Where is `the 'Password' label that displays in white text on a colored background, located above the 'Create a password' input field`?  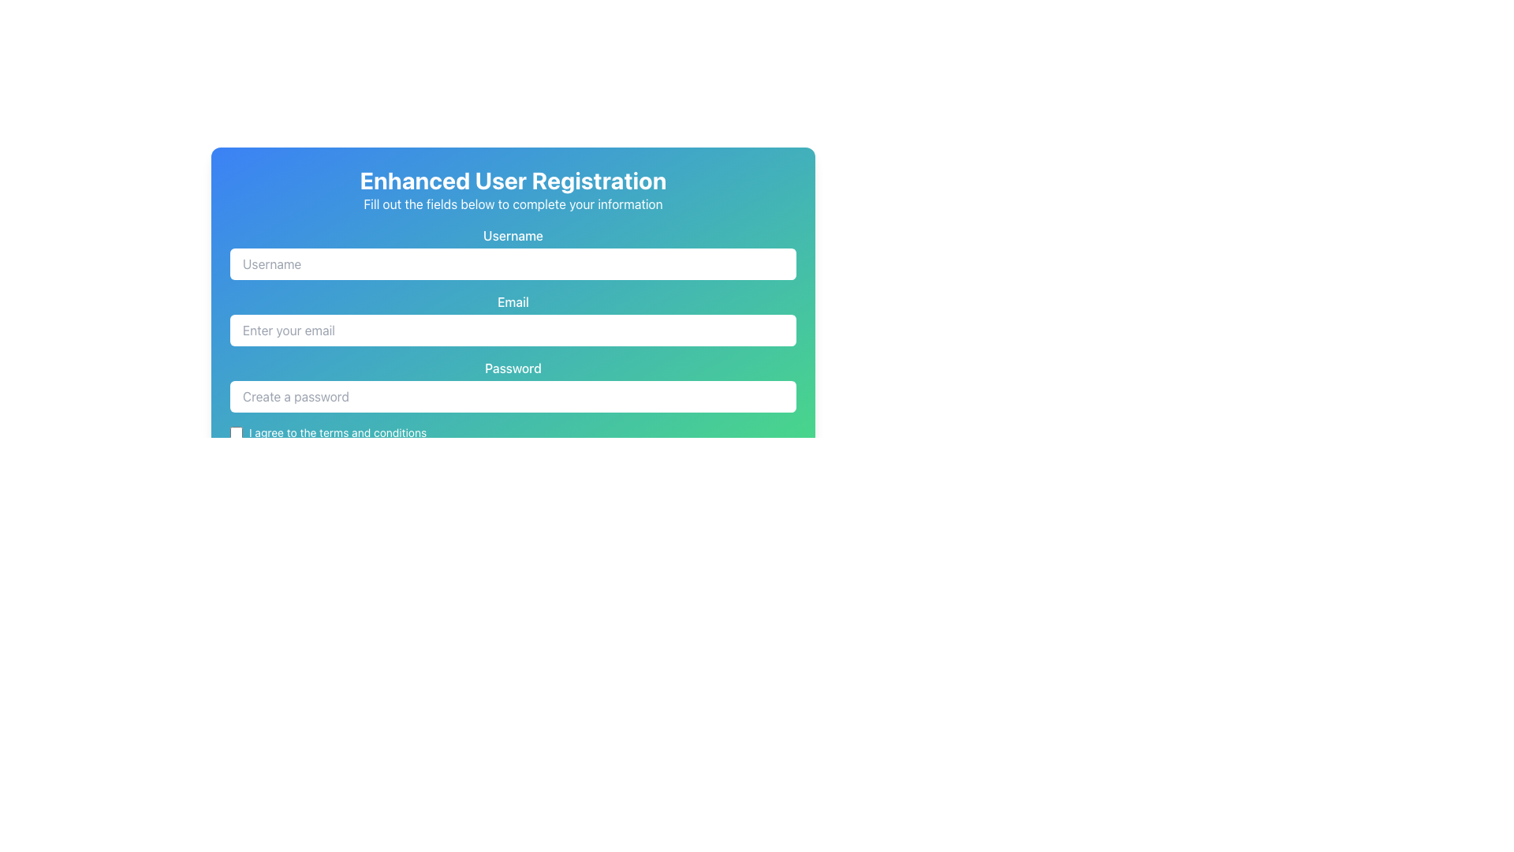
the 'Password' label that displays in white text on a colored background, located above the 'Create a password' input field is located at coordinates (513, 368).